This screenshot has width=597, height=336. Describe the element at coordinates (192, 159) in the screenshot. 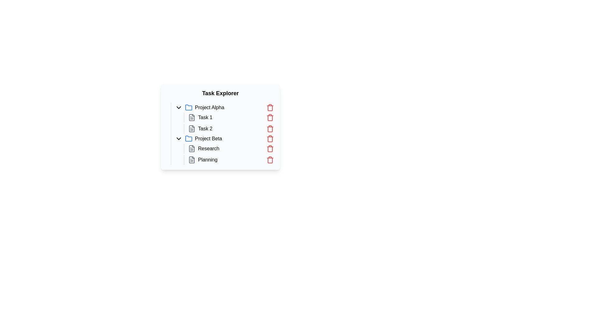

I see `the file icon representing the 'Planning' document, which is located immediately to the left of the text labeled 'Planning' under the 'Project Beta' folder` at that location.